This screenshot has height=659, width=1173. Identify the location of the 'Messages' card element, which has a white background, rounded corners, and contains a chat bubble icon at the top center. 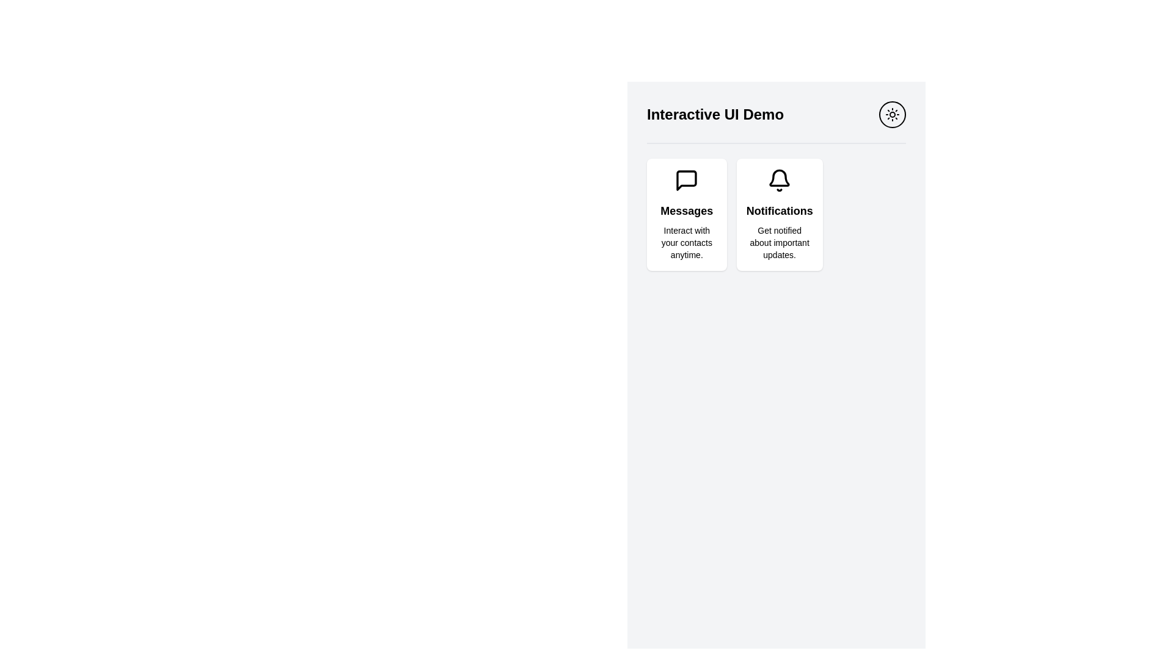
(687, 214).